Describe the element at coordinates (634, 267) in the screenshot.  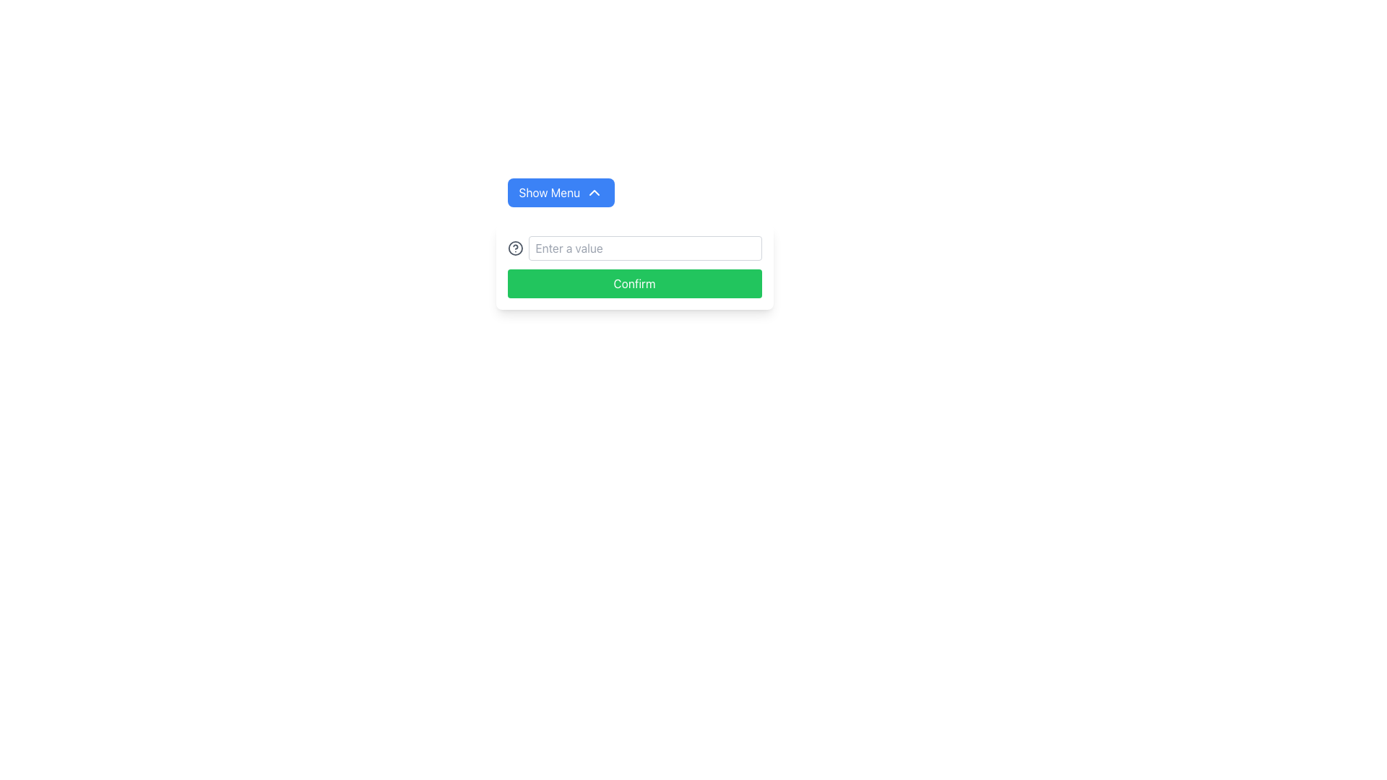
I see `the 'Confirm' button located in the Modal window, which serves as an input interface for users to enter a value and confirm their action` at that location.